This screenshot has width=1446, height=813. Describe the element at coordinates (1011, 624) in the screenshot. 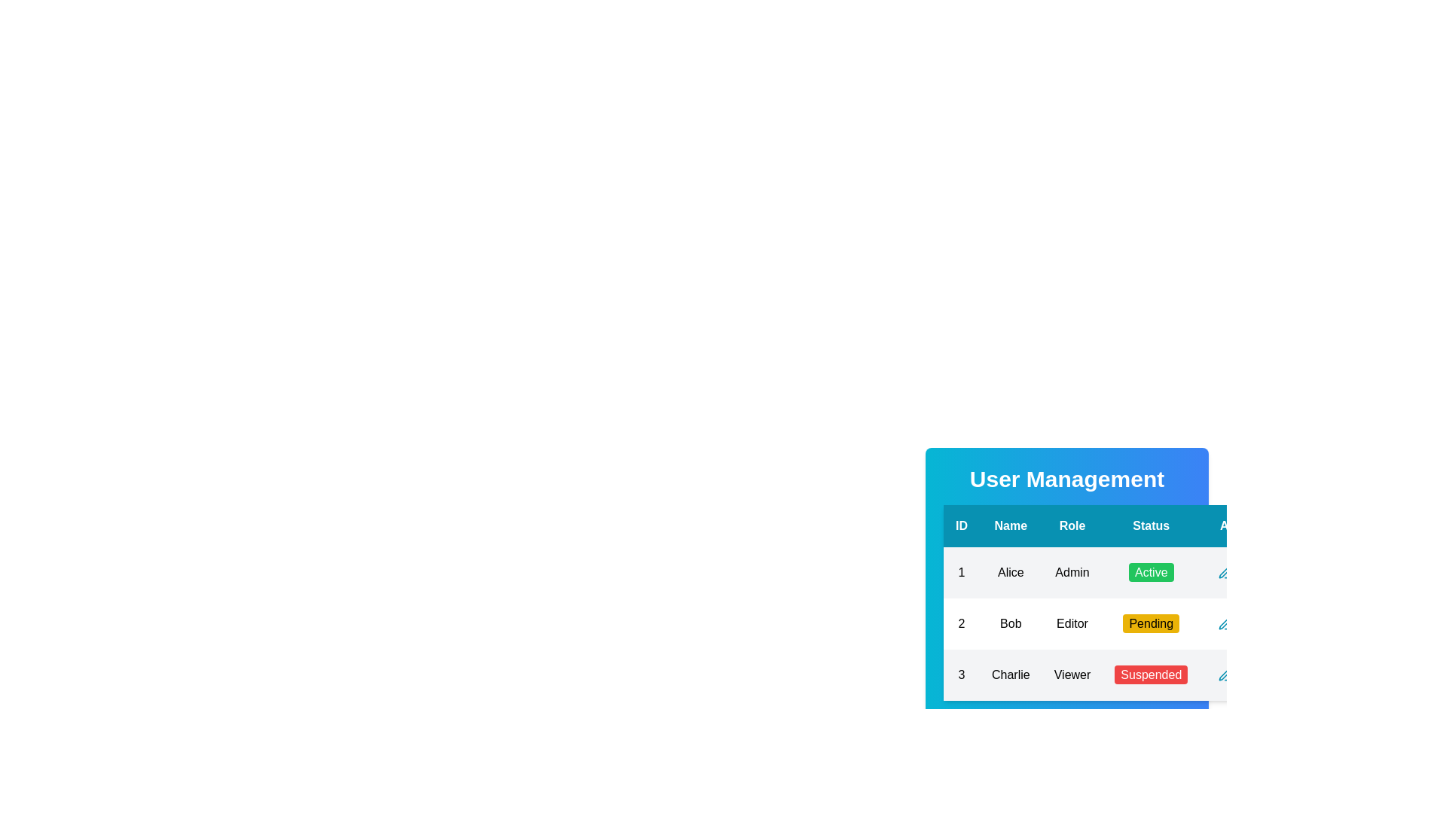

I see `the static text label displaying the name 'Bob' located in the second row and second column of the table under the 'Name' column header` at that location.